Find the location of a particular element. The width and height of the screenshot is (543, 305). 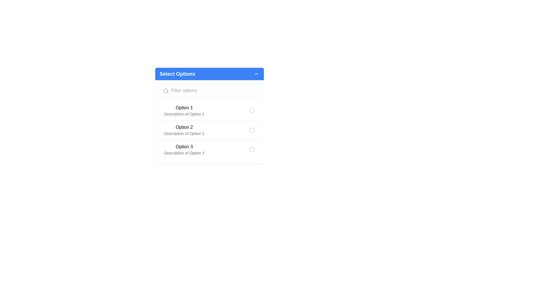

the magnifying glass icon, which is positioned in the left-top corner of the text input field at the top of the options panel is located at coordinates (165, 90).